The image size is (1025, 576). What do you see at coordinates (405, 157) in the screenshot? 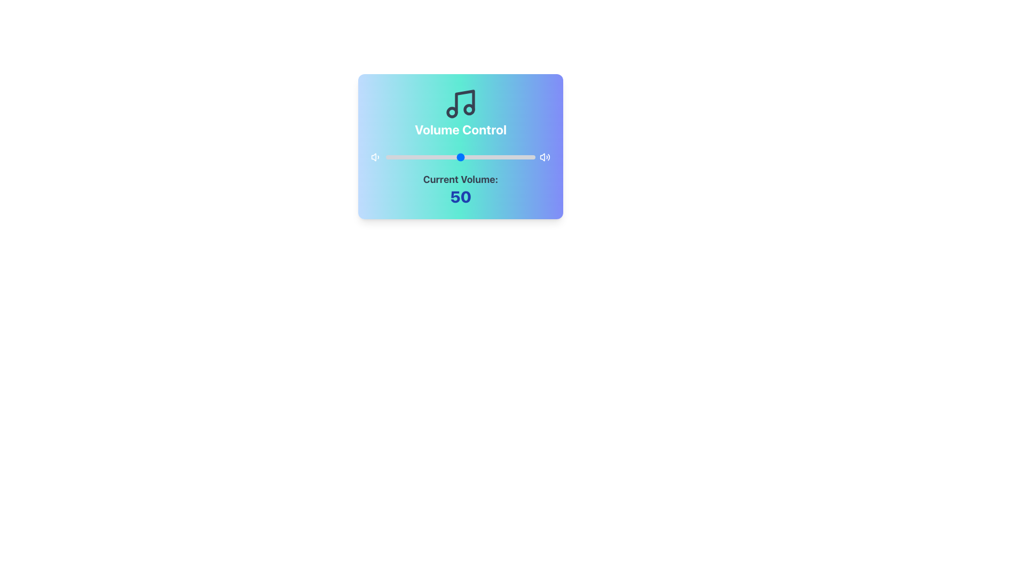
I see `the volume` at bounding box center [405, 157].